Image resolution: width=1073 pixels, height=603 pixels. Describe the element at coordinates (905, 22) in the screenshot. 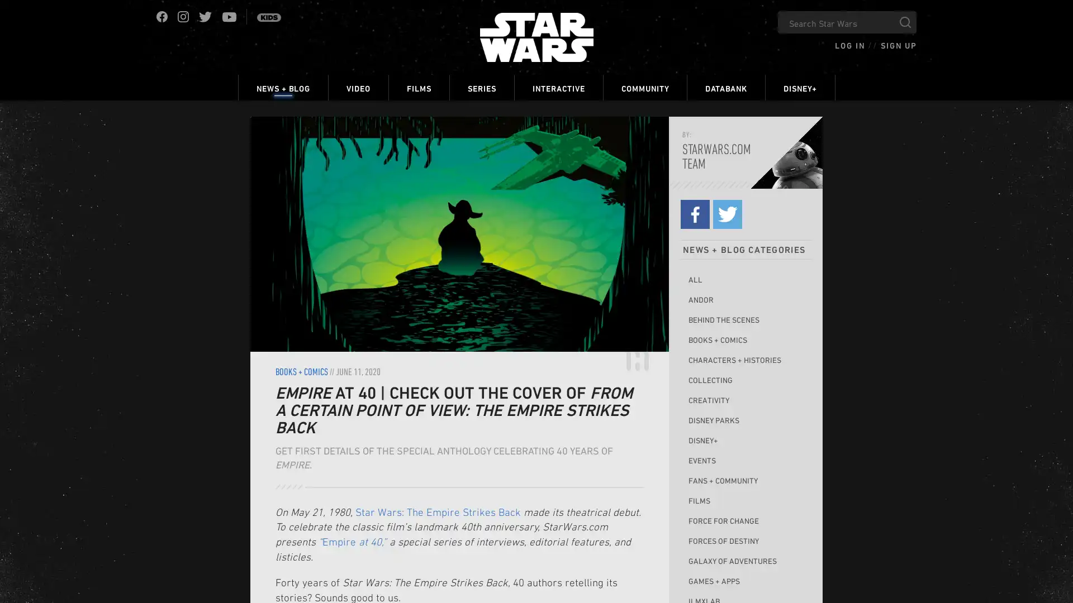

I see `Open Search` at that location.